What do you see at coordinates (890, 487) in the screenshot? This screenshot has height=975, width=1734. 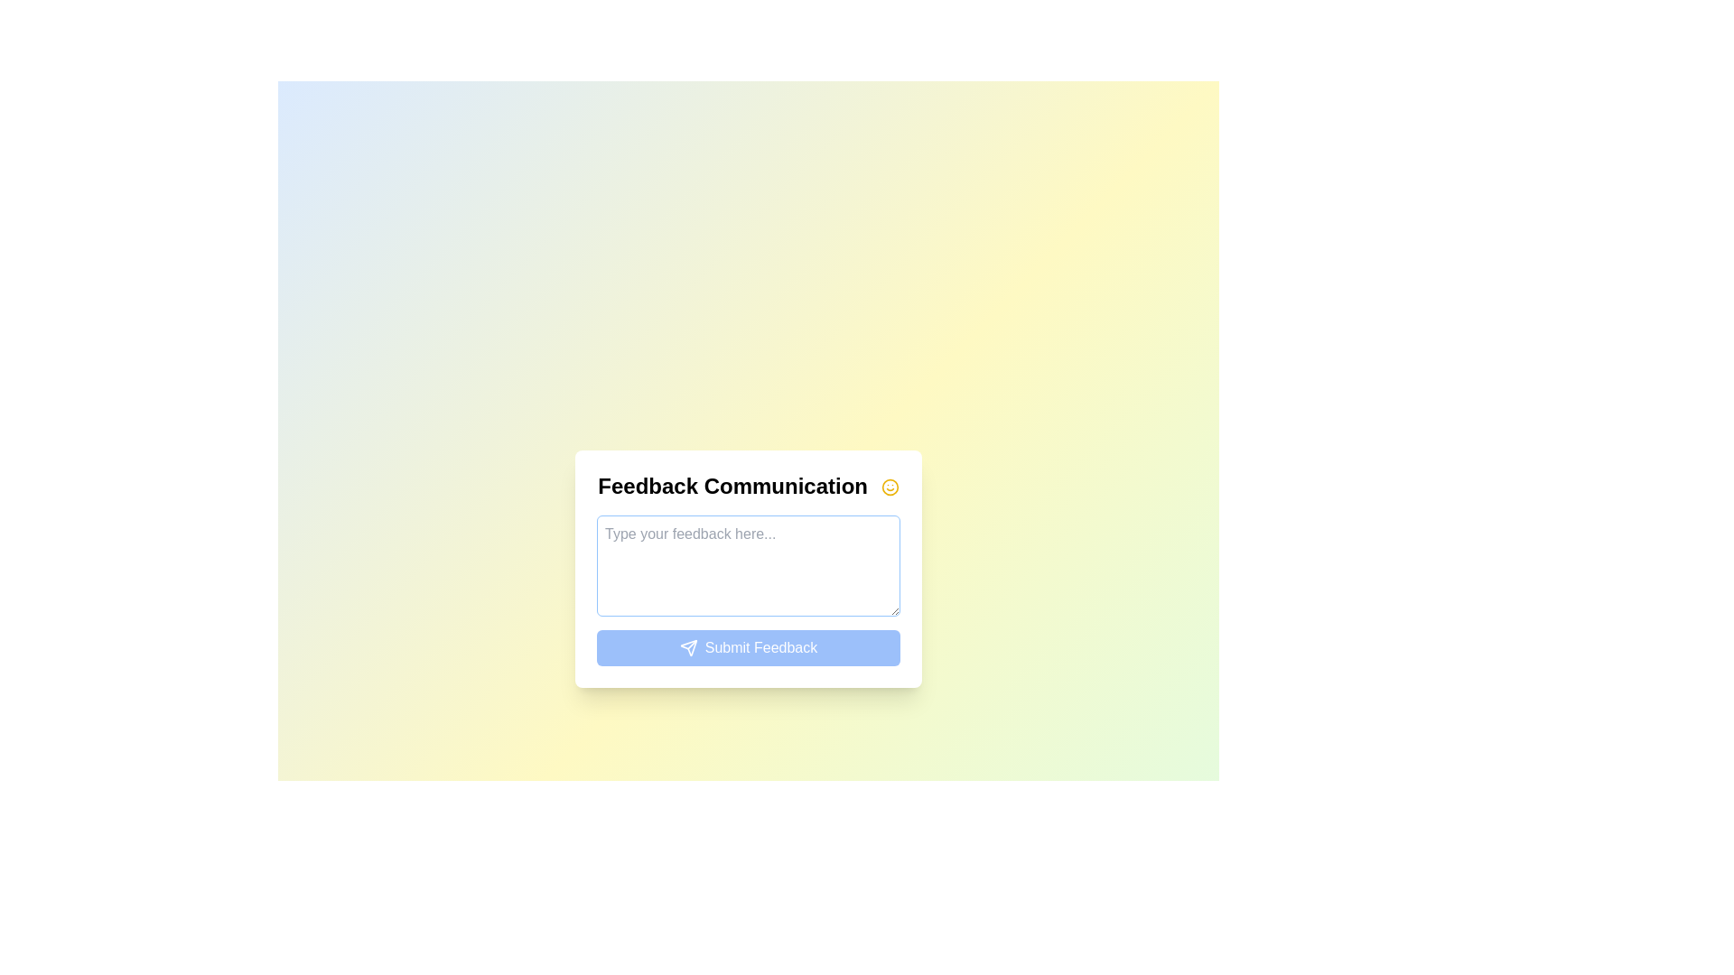 I see `the SVG Circle that forms the boundary of the smiley face icon, which is located to the right of the 'Feedback Communication' header` at bounding box center [890, 487].